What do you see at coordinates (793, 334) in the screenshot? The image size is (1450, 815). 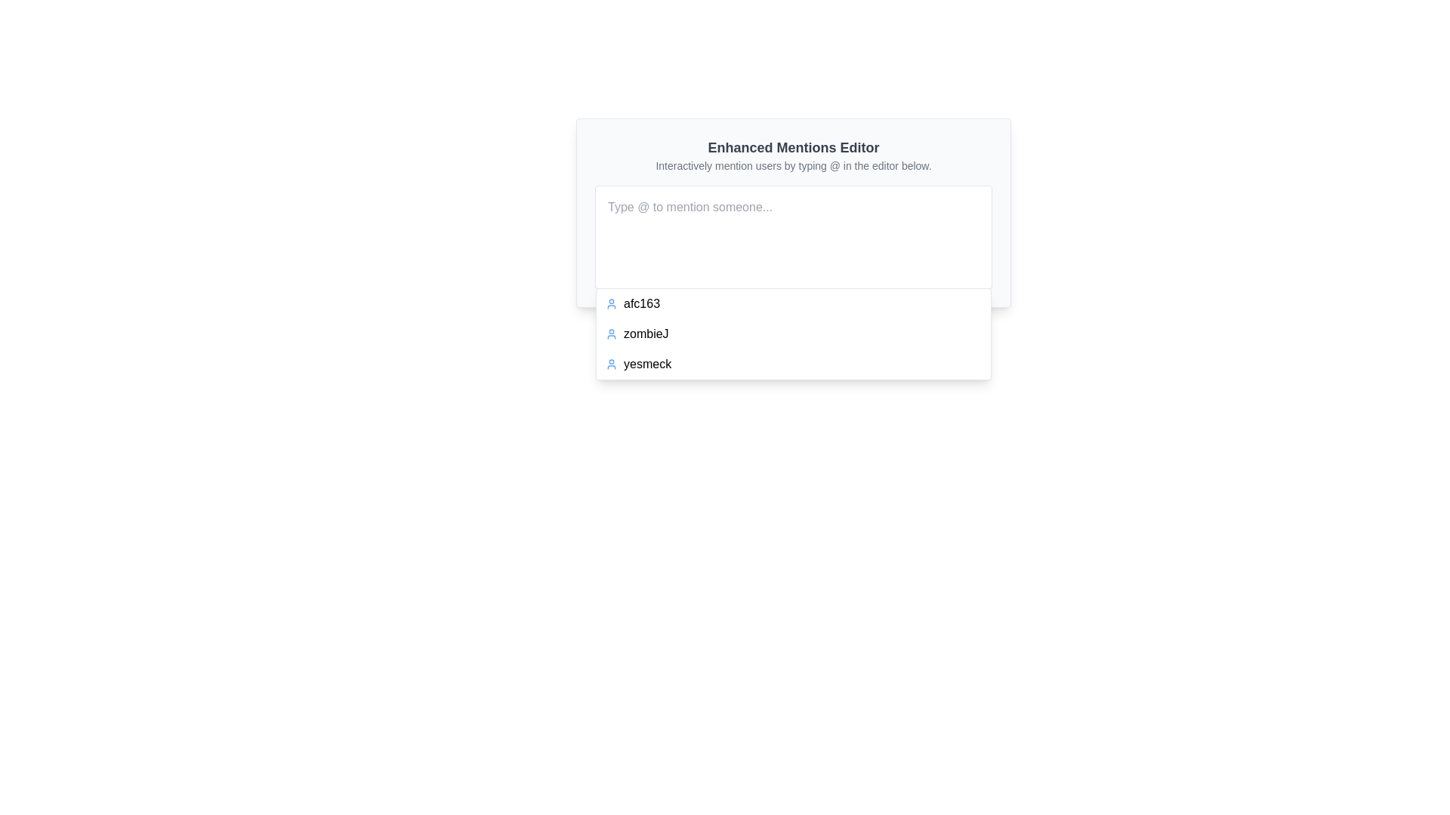 I see `the Dropdown suggestion list containing usernames 'afc163', 'zombieJ', and 'yesmeck', which is styled with a white background and blue user icons` at bounding box center [793, 334].